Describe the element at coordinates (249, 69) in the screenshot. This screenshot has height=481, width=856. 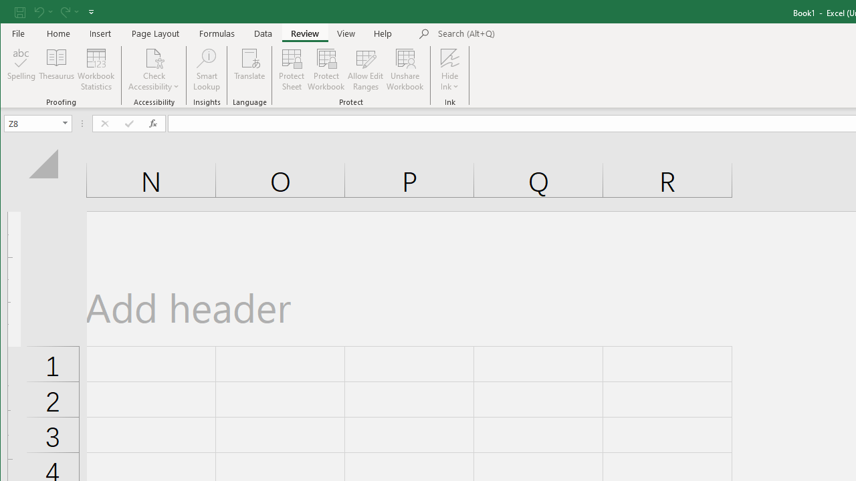
I see `'Translate'` at that location.